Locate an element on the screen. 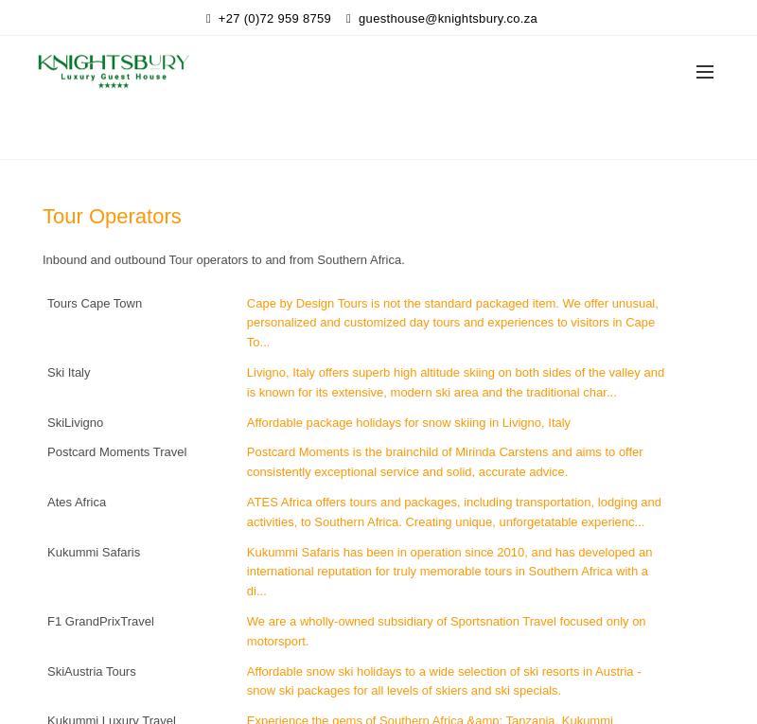 The image size is (757, 724). '/' is located at coordinates (379, 134).